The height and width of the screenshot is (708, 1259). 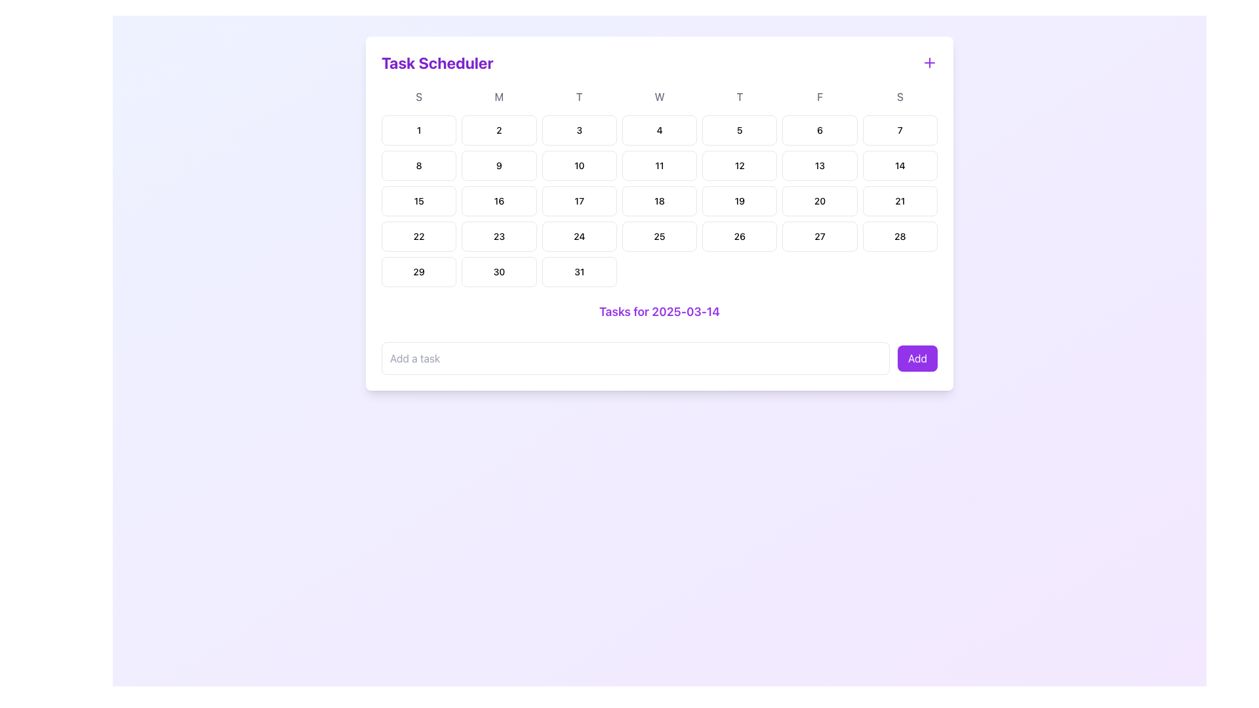 I want to click on the button displaying the number '9' in the calendar interface, so click(x=498, y=165).